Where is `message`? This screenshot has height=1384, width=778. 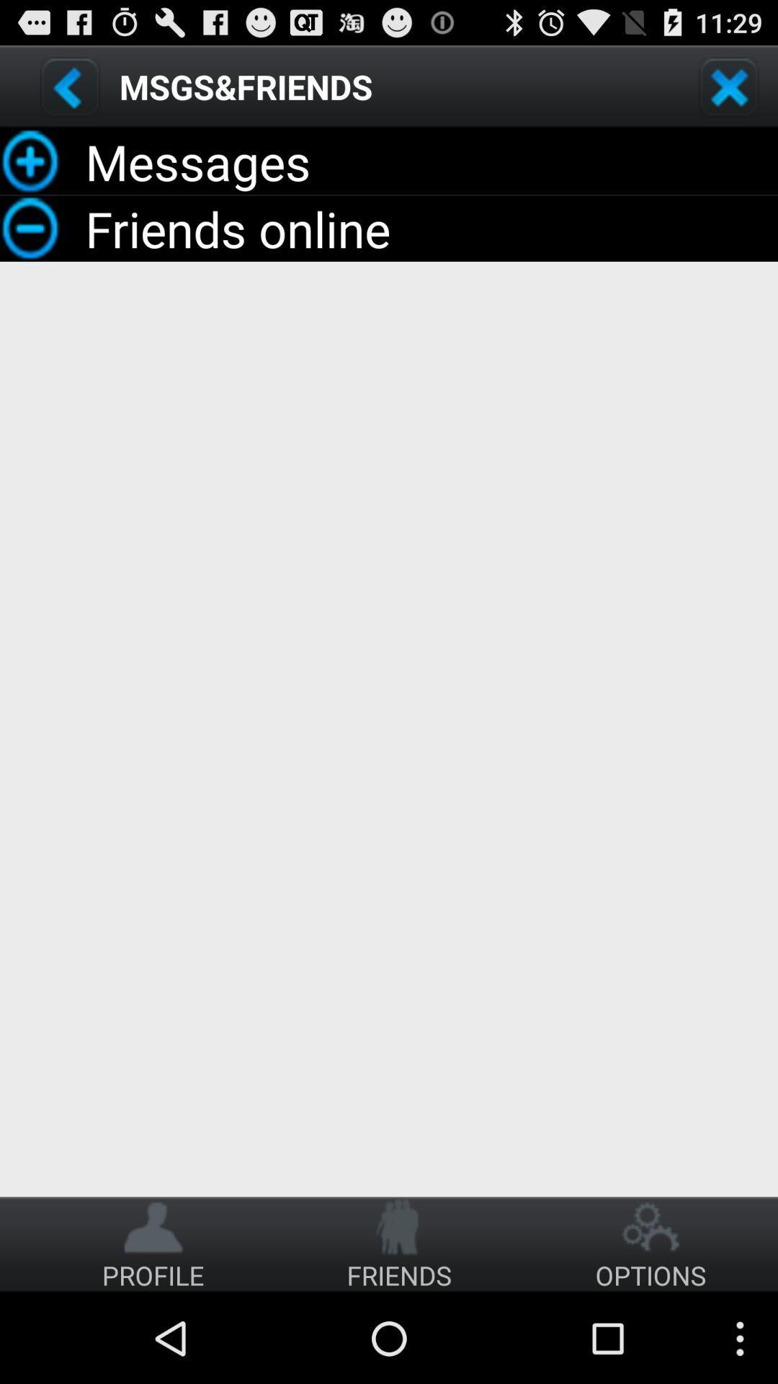 message is located at coordinates (70, 86).